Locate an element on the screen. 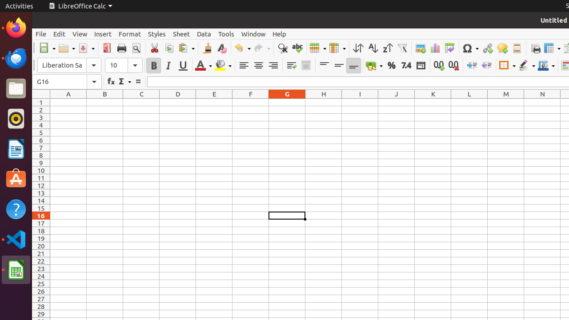 Image resolution: width=569 pixels, height=320 pixels. 'Sheet' is located at coordinates (180, 33).